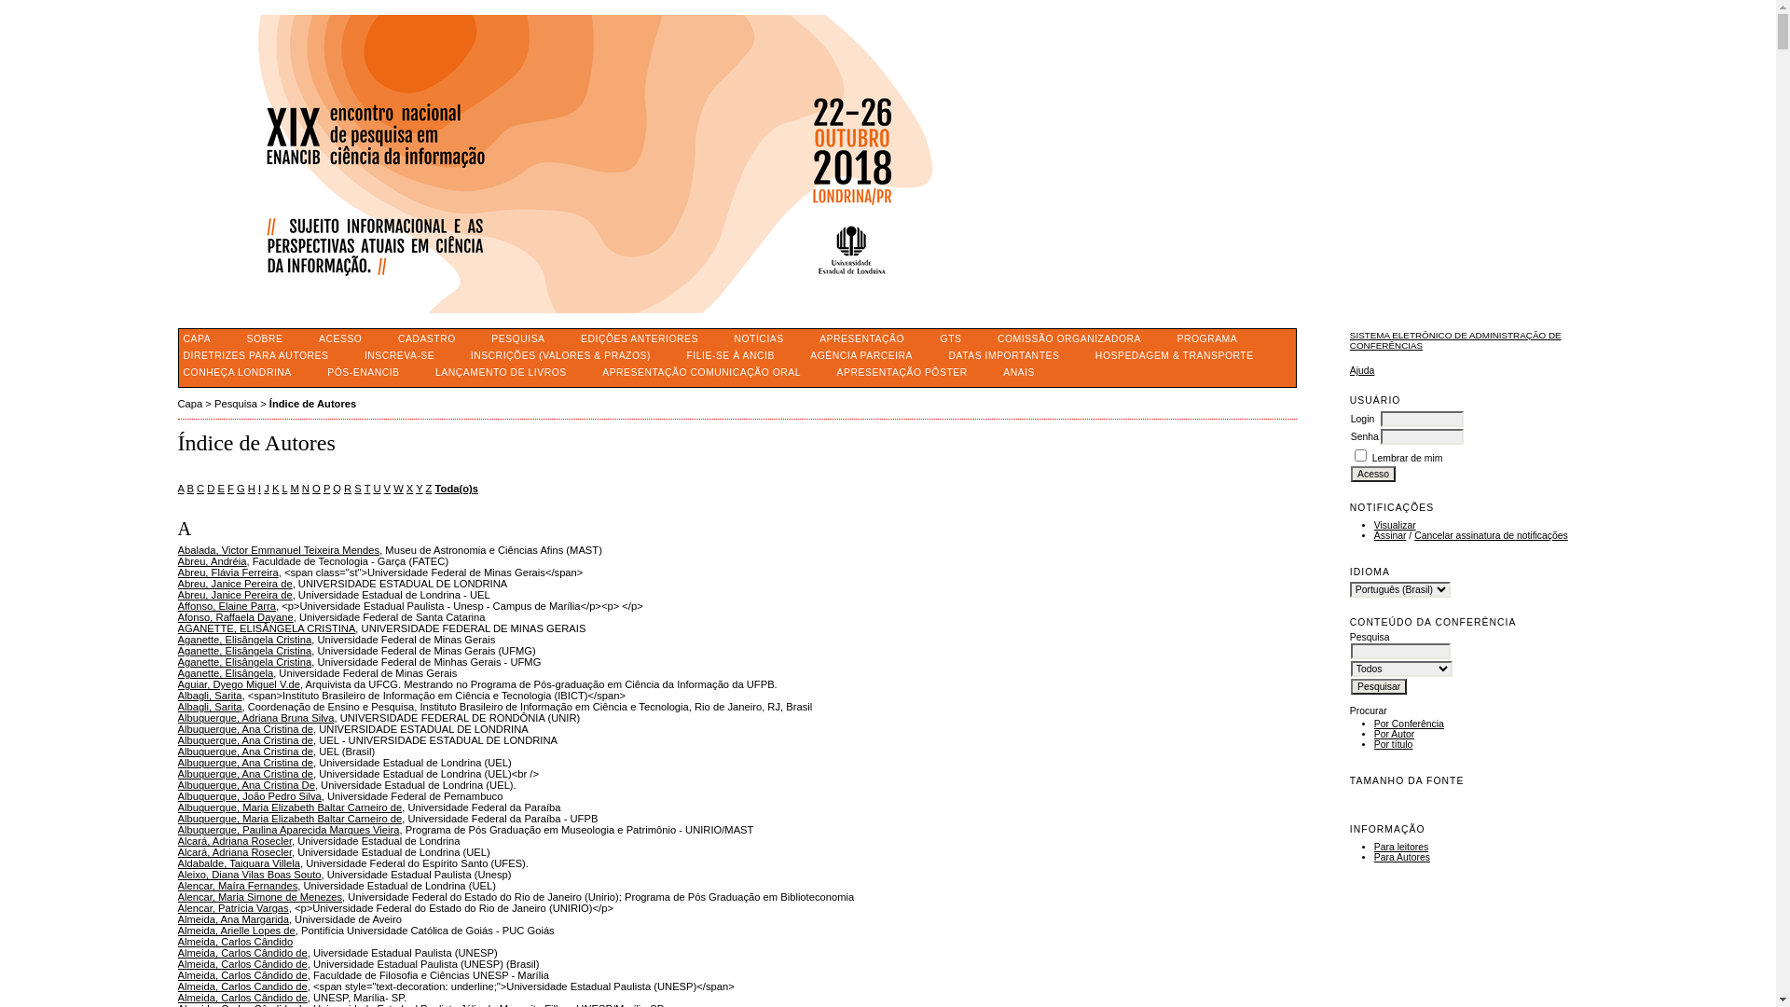 Image resolution: width=1790 pixels, height=1007 pixels. I want to click on 'Pesquisa', so click(235, 402).